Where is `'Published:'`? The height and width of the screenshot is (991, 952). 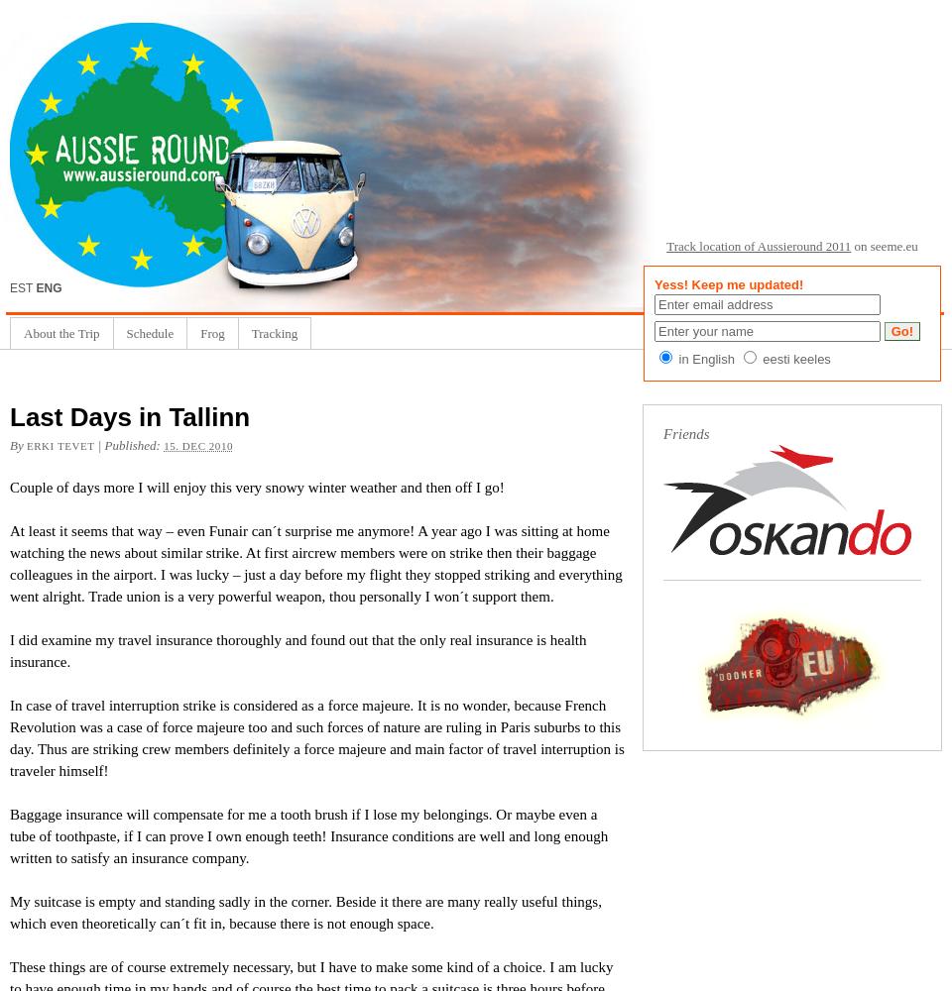 'Published:' is located at coordinates (104, 444).